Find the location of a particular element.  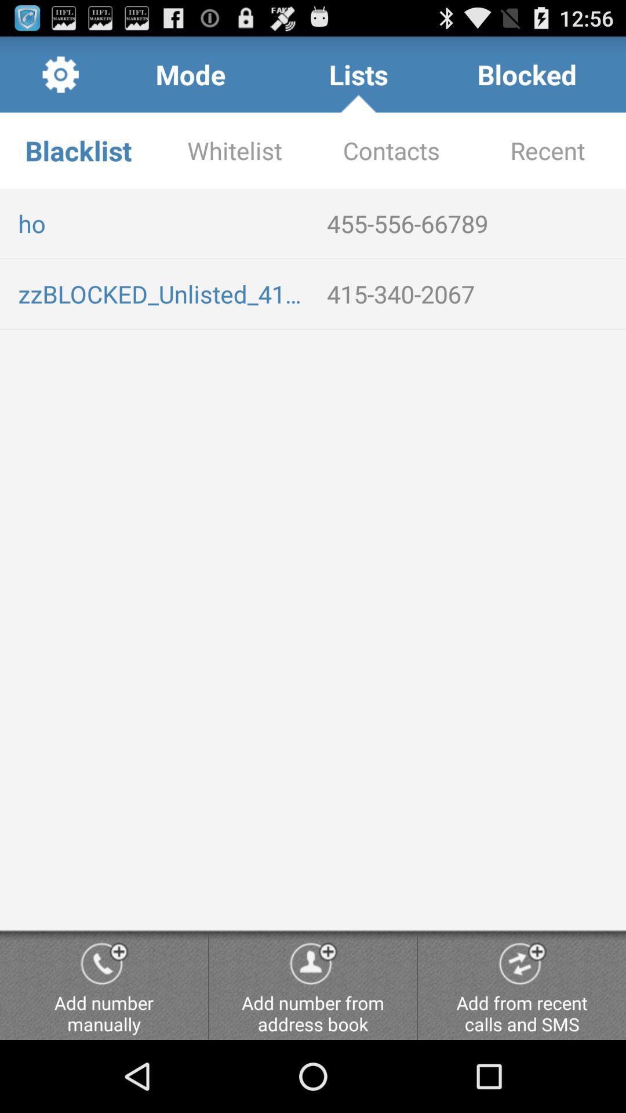

app to the left of lists app is located at coordinates (190, 74).